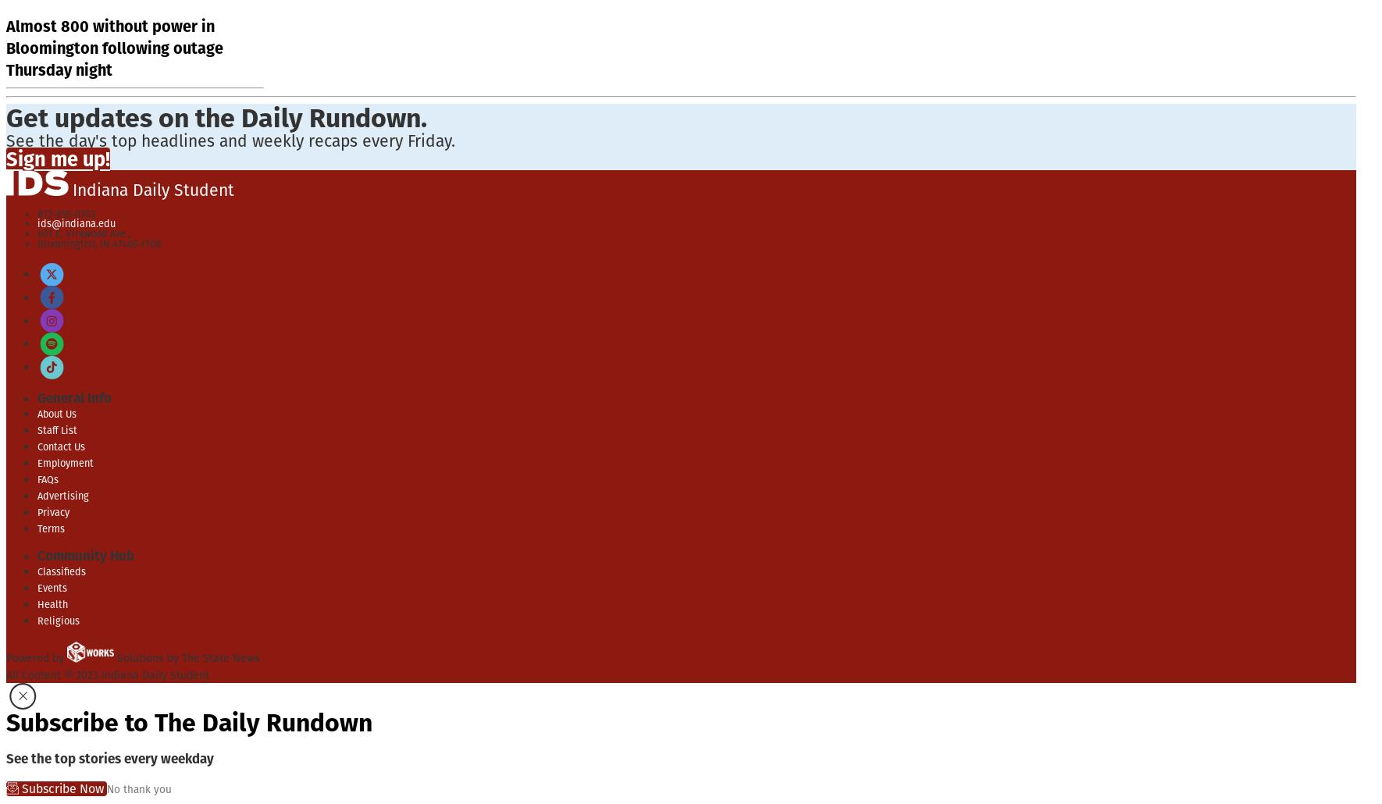 Image resolution: width=1382 pixels, height=804 pixels. Describe the element at coordinates (36, 556) in the screenshot. I see `'Community Hub'` at that location.